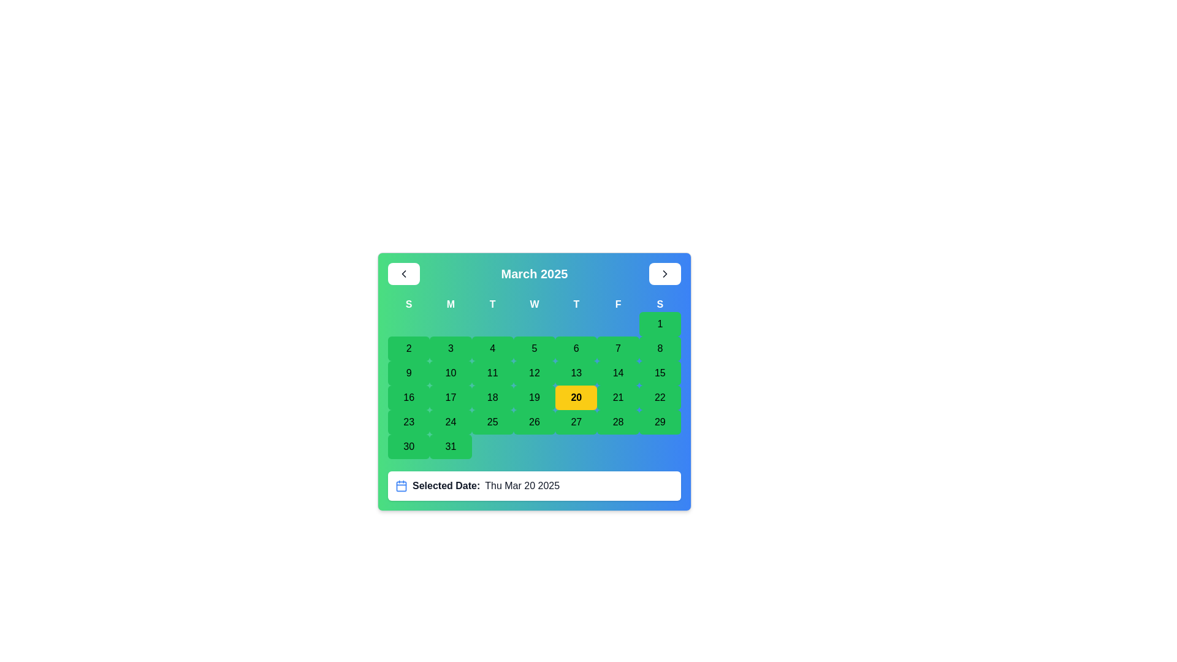 The height and width of the screenshot is (662, 1177). What do you see at coordinates (618, 304) in the screenshot?
I see `the text label displaying the letter 'F', which is styled in white bold font and is the sixth element in the header row of a calendar representing the days of the week` at bounding box center [618, 304].